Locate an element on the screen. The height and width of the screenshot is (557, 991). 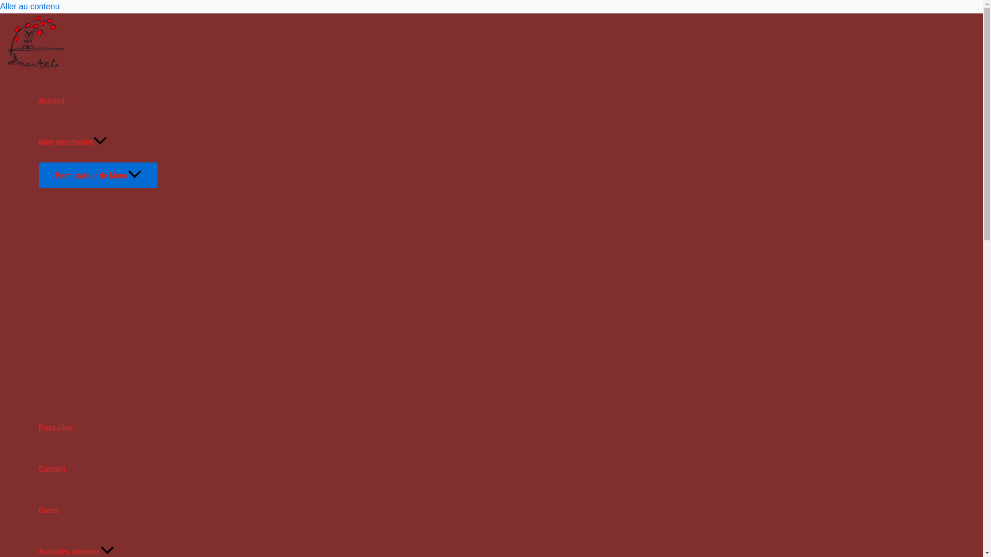
'Permutateur de Menu' is located at coordinates (98, 174).